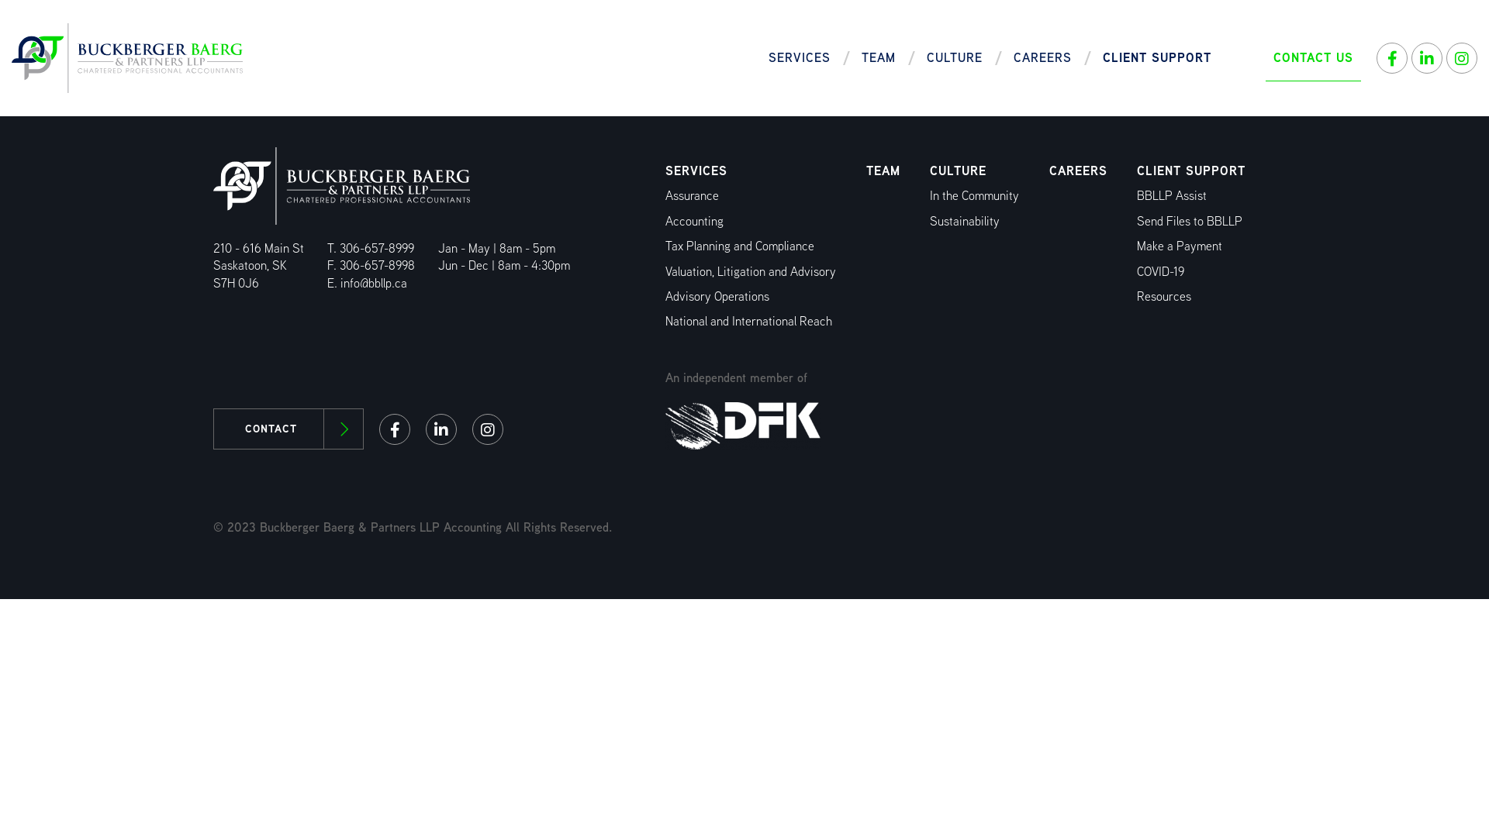 The height and width of the screenshot is (837, 1489). I want to click on 'Accounting', so click(693, 221).